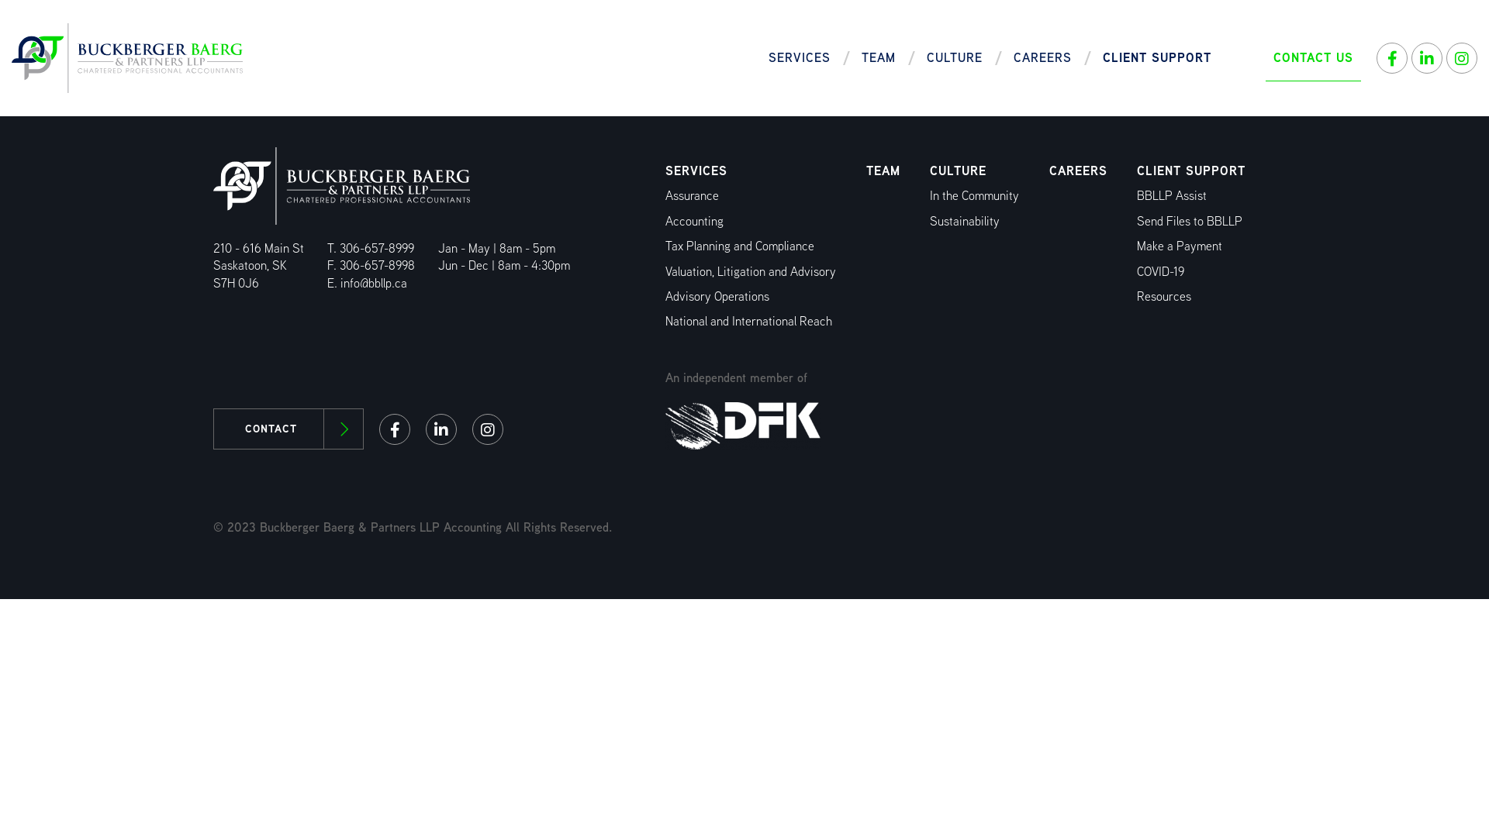 The height and width of the screenshot is (837, 1489). I want to click on 'Accounting', so click(693, 221).